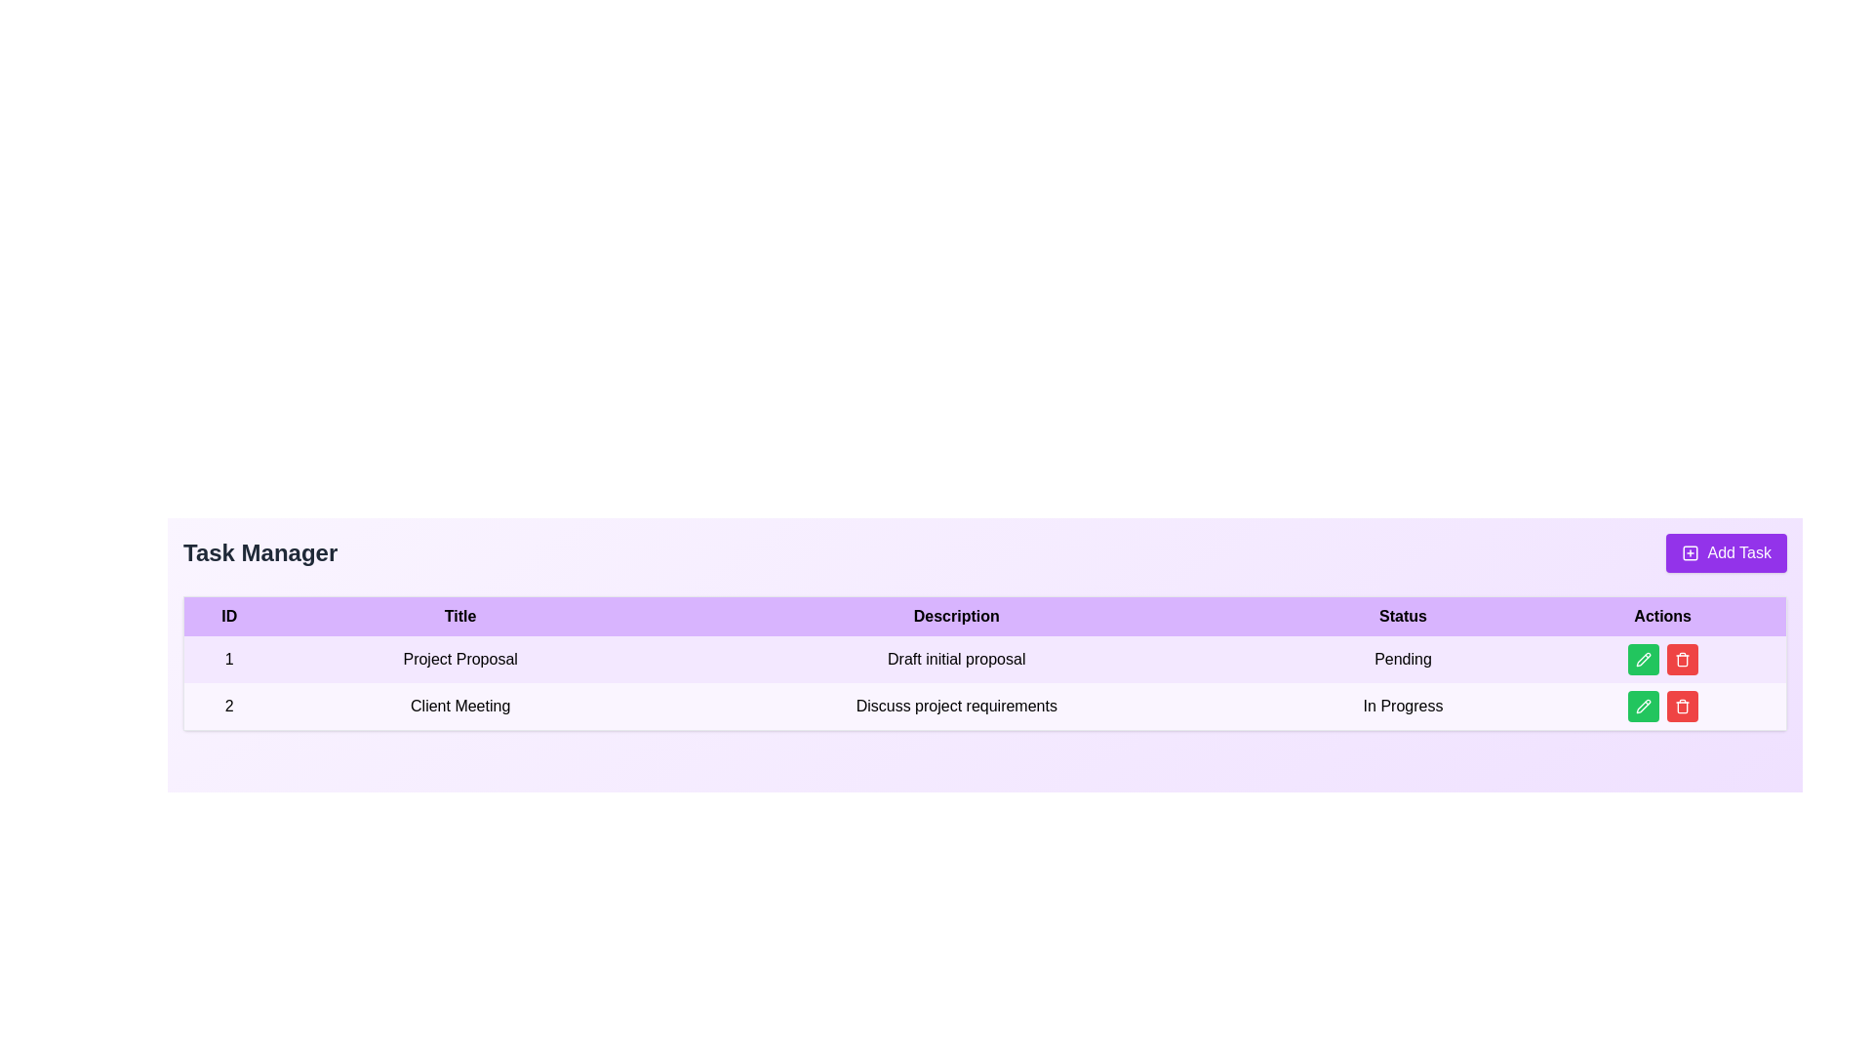 The height and width of the screenshot is (1054, 1873). What do you see at coordinates (1402, 616) in the screenshot?
I see `the 'Status' text label, which is the fourth header in the table indicating the status of items listed below` at bounding box center [1402, 616].